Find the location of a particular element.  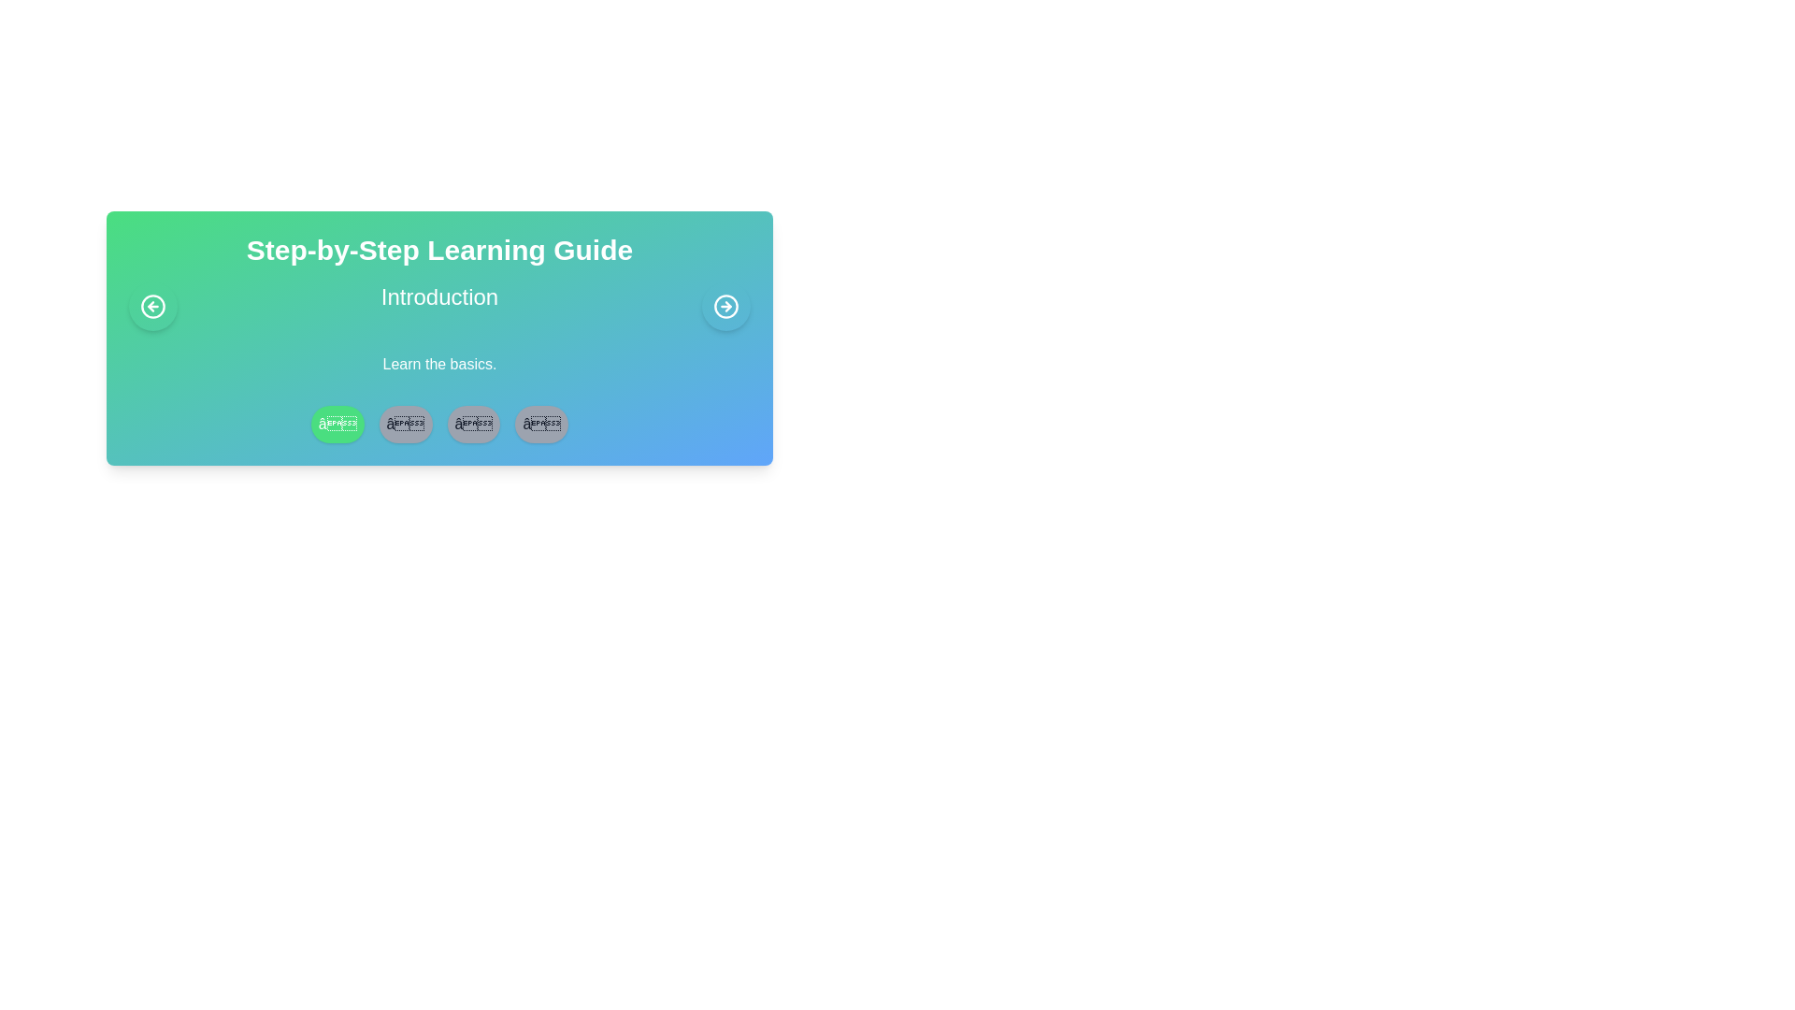

the circular icon button with a left-pointing arrow, located at the top-left corner of the card is located at coordinates (152, 305).